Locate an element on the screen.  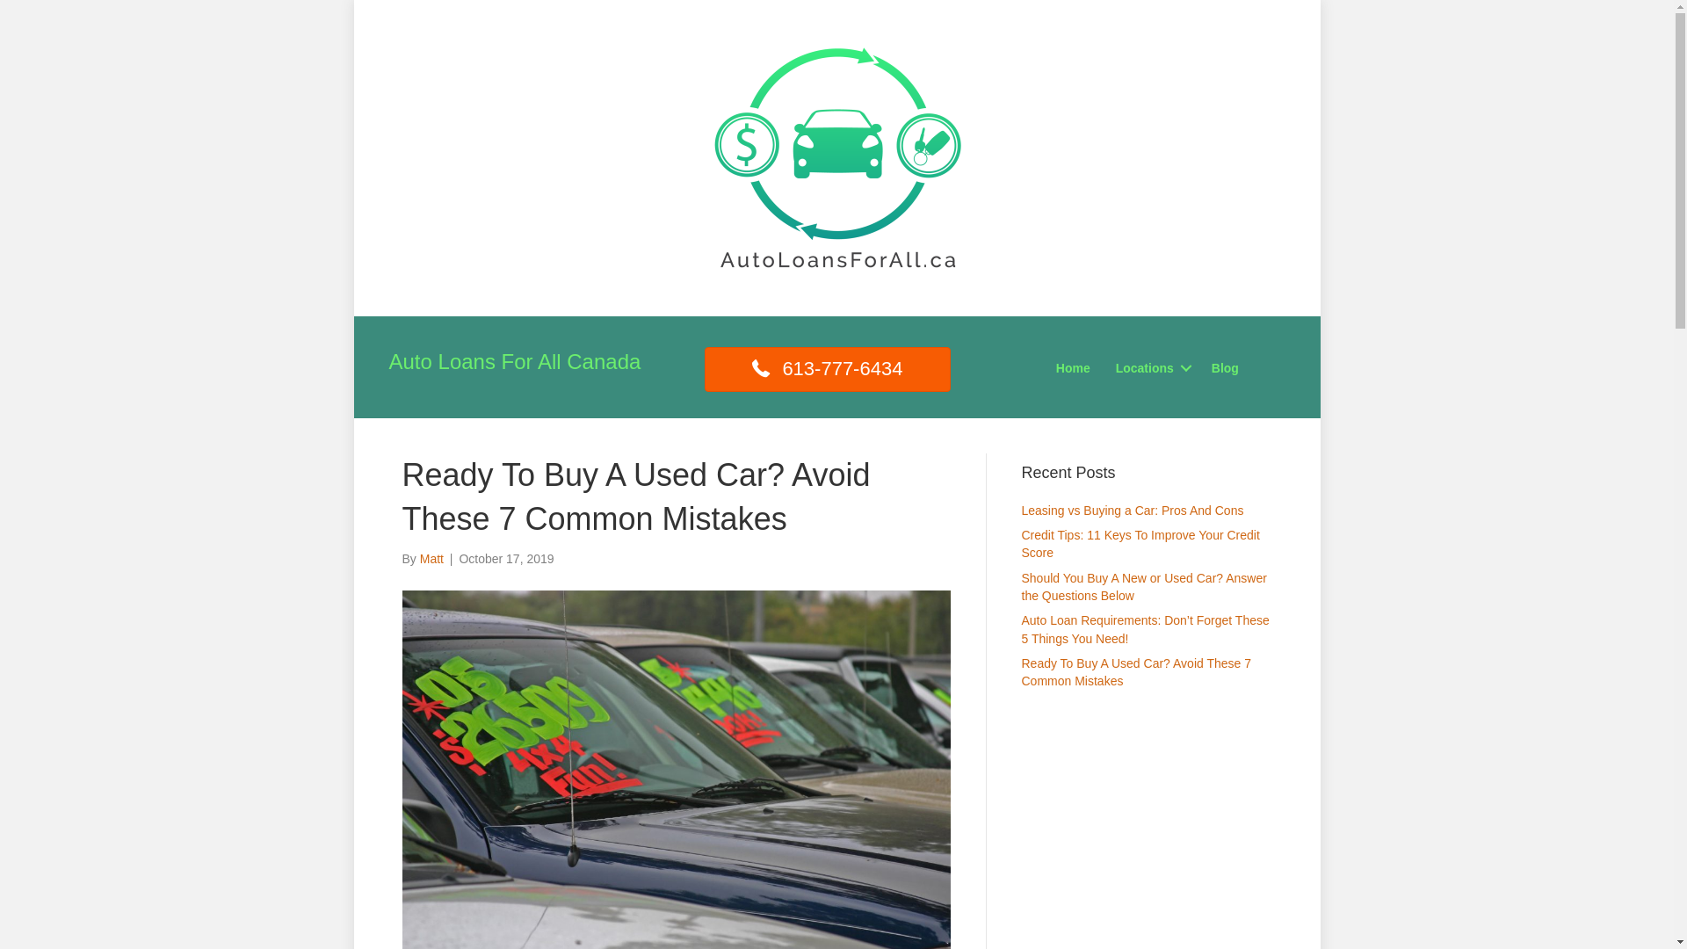
'Credit Tips: 11 Keys To Improve Your Credit Score' is located at coordinates (1140, 542).